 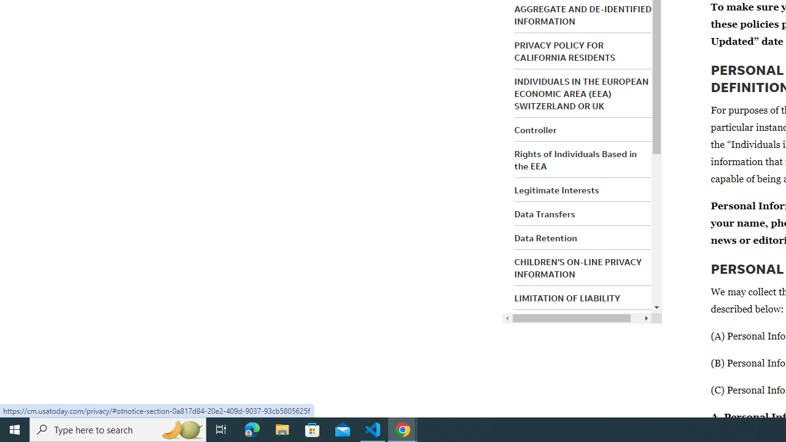 I want to click on 'Legitimate Interests', so click(x=556, y=190).